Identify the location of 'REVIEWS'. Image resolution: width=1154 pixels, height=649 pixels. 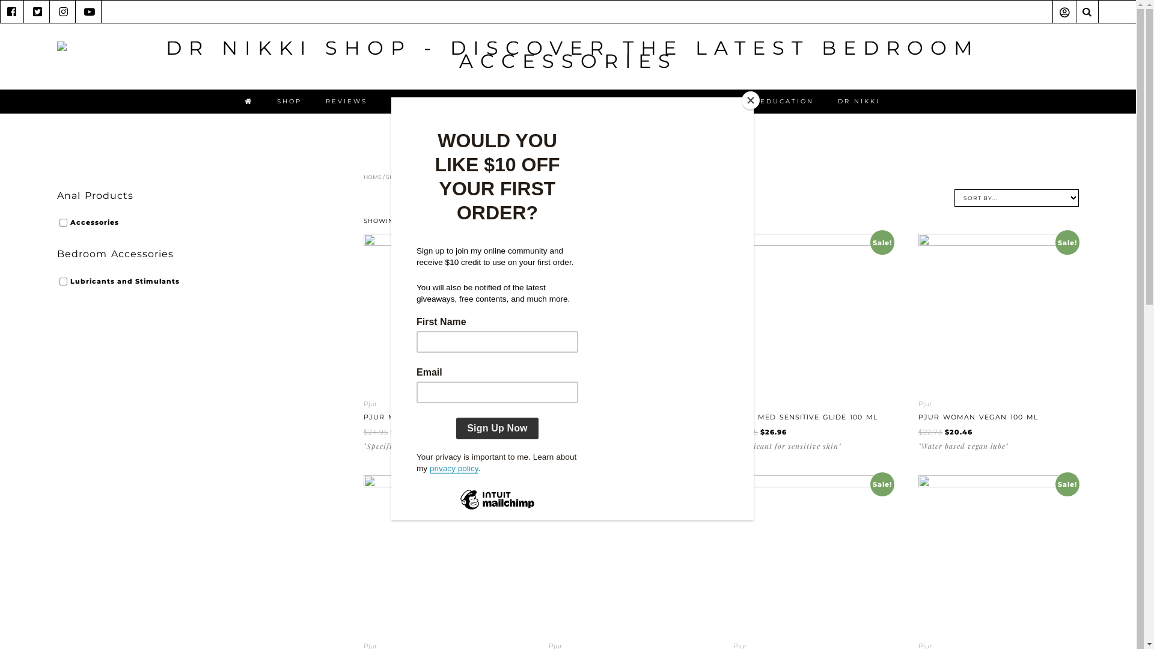
(320, 94).